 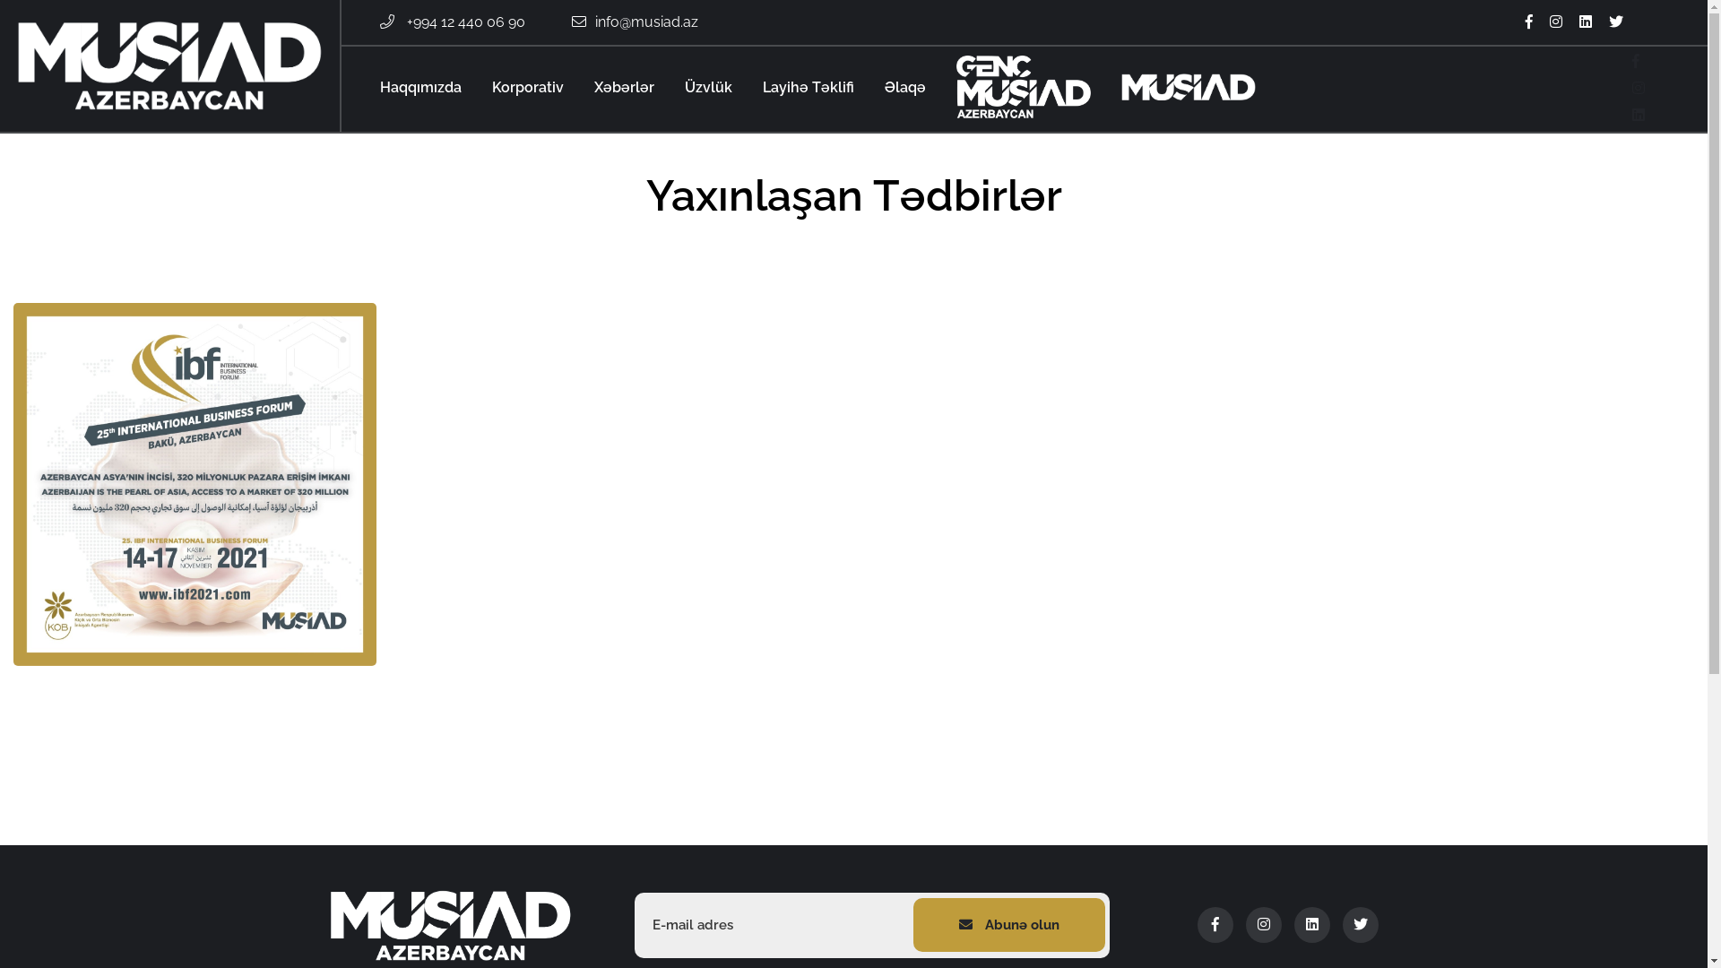 What do you see at coordinates (645, 22) in the screenshot?
I see `'info@musiad.az'` at bounding box center [645, 22].